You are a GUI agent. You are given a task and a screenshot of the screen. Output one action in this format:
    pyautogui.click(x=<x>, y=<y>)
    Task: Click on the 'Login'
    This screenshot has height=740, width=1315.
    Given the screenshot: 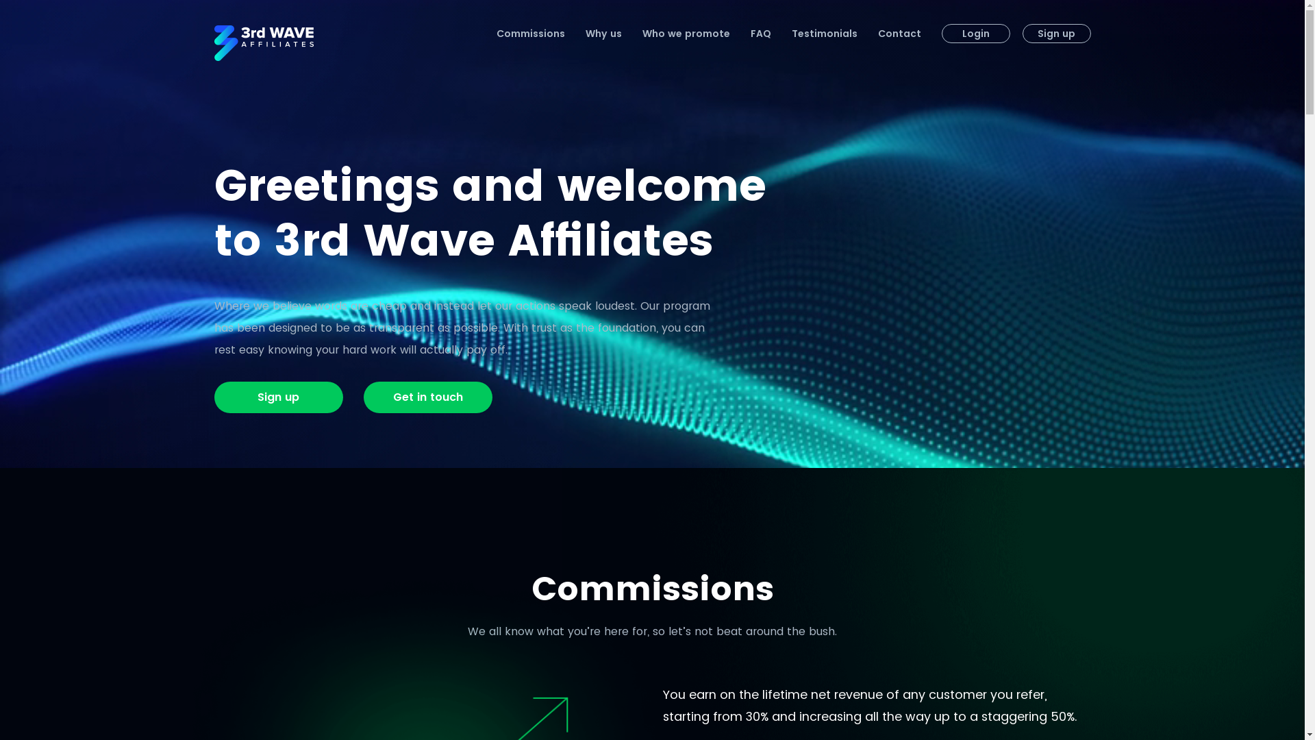 What is the action you would take?
    pyautogui.click(x=975, y=33)
    